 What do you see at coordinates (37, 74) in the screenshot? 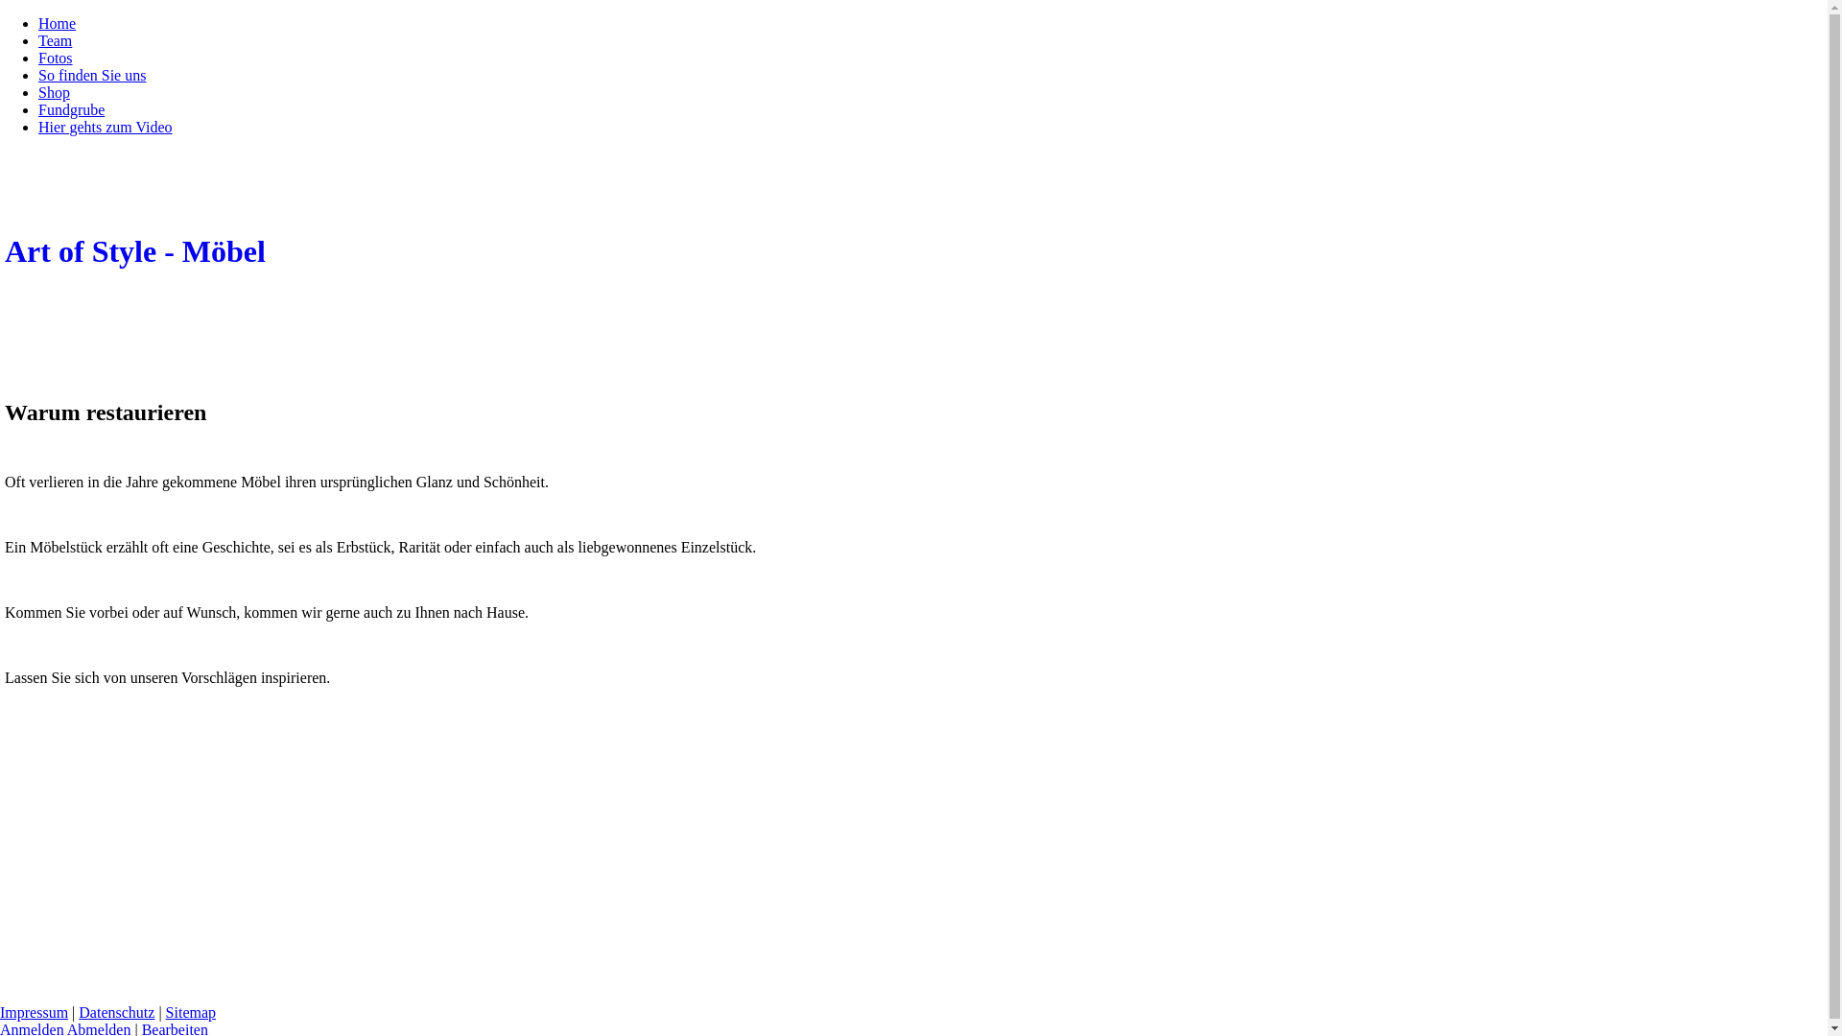
I see `'So finden Sie uns'` at bounding box center [37, 74].